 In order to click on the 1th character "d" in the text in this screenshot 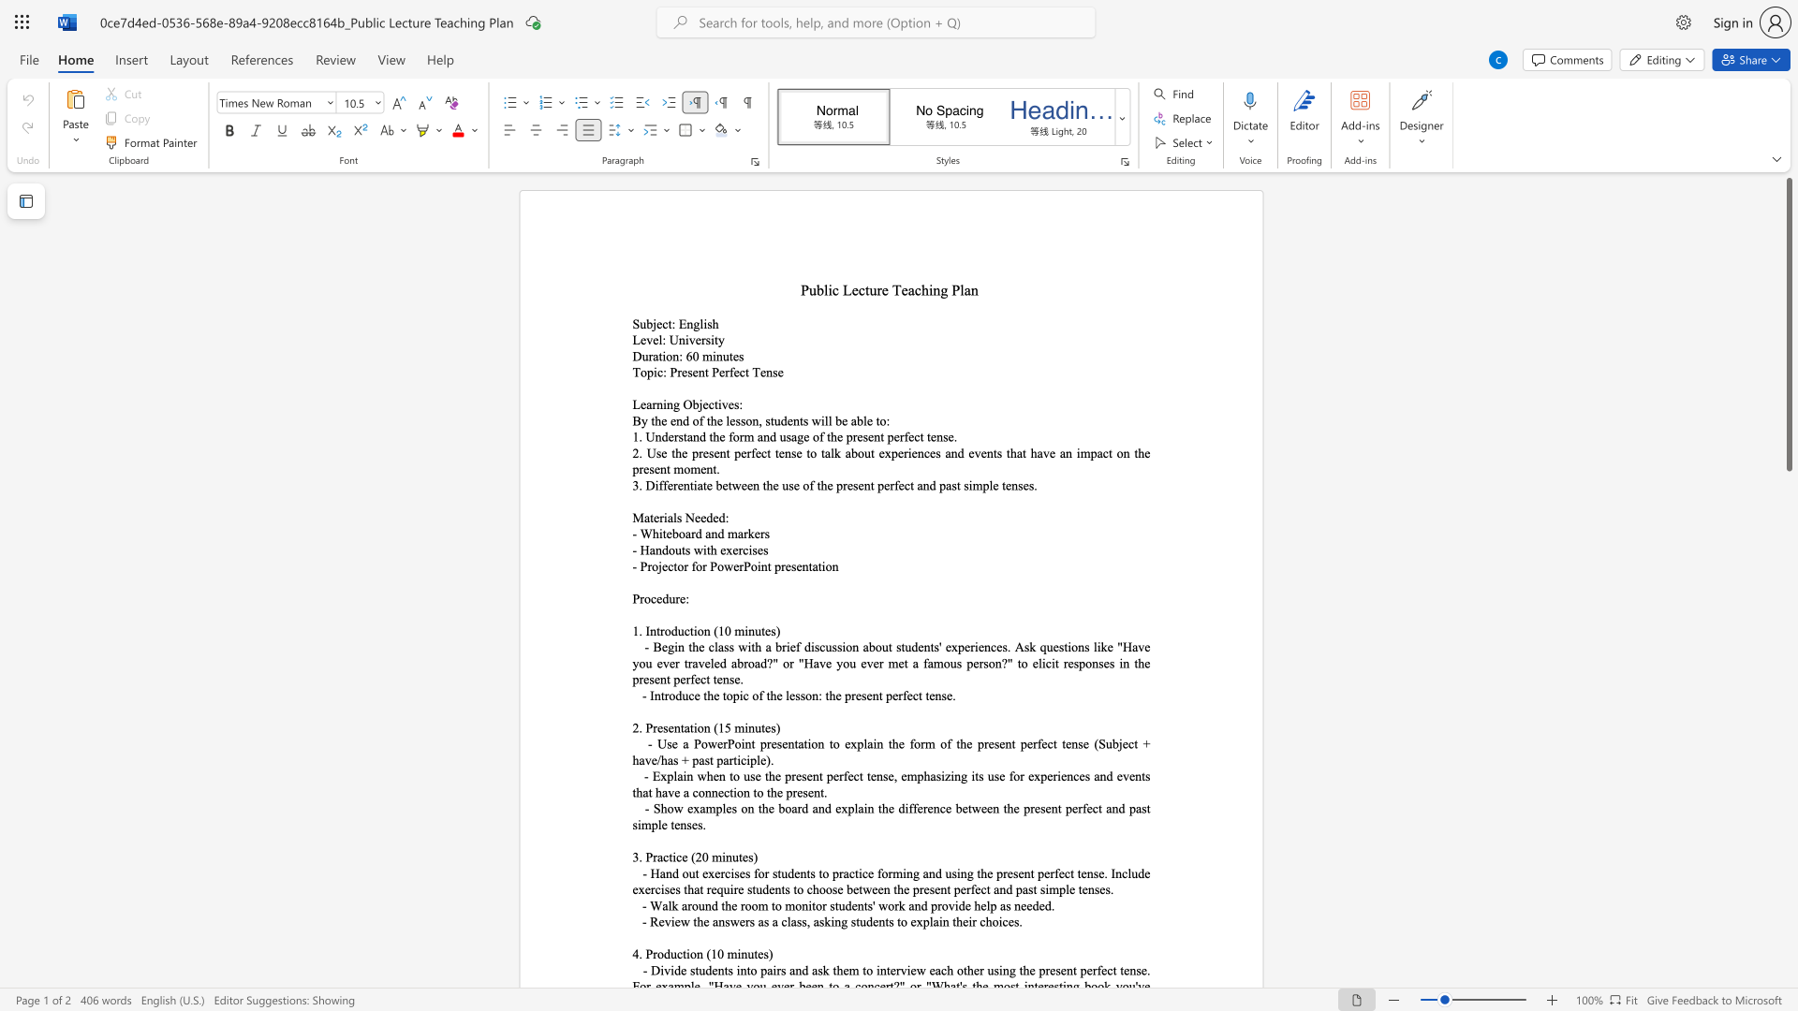, I will do `click(674, 873)`.